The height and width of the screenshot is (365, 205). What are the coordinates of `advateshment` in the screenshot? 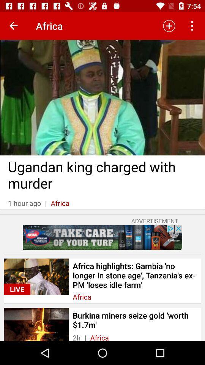 It's located at (102, 237).